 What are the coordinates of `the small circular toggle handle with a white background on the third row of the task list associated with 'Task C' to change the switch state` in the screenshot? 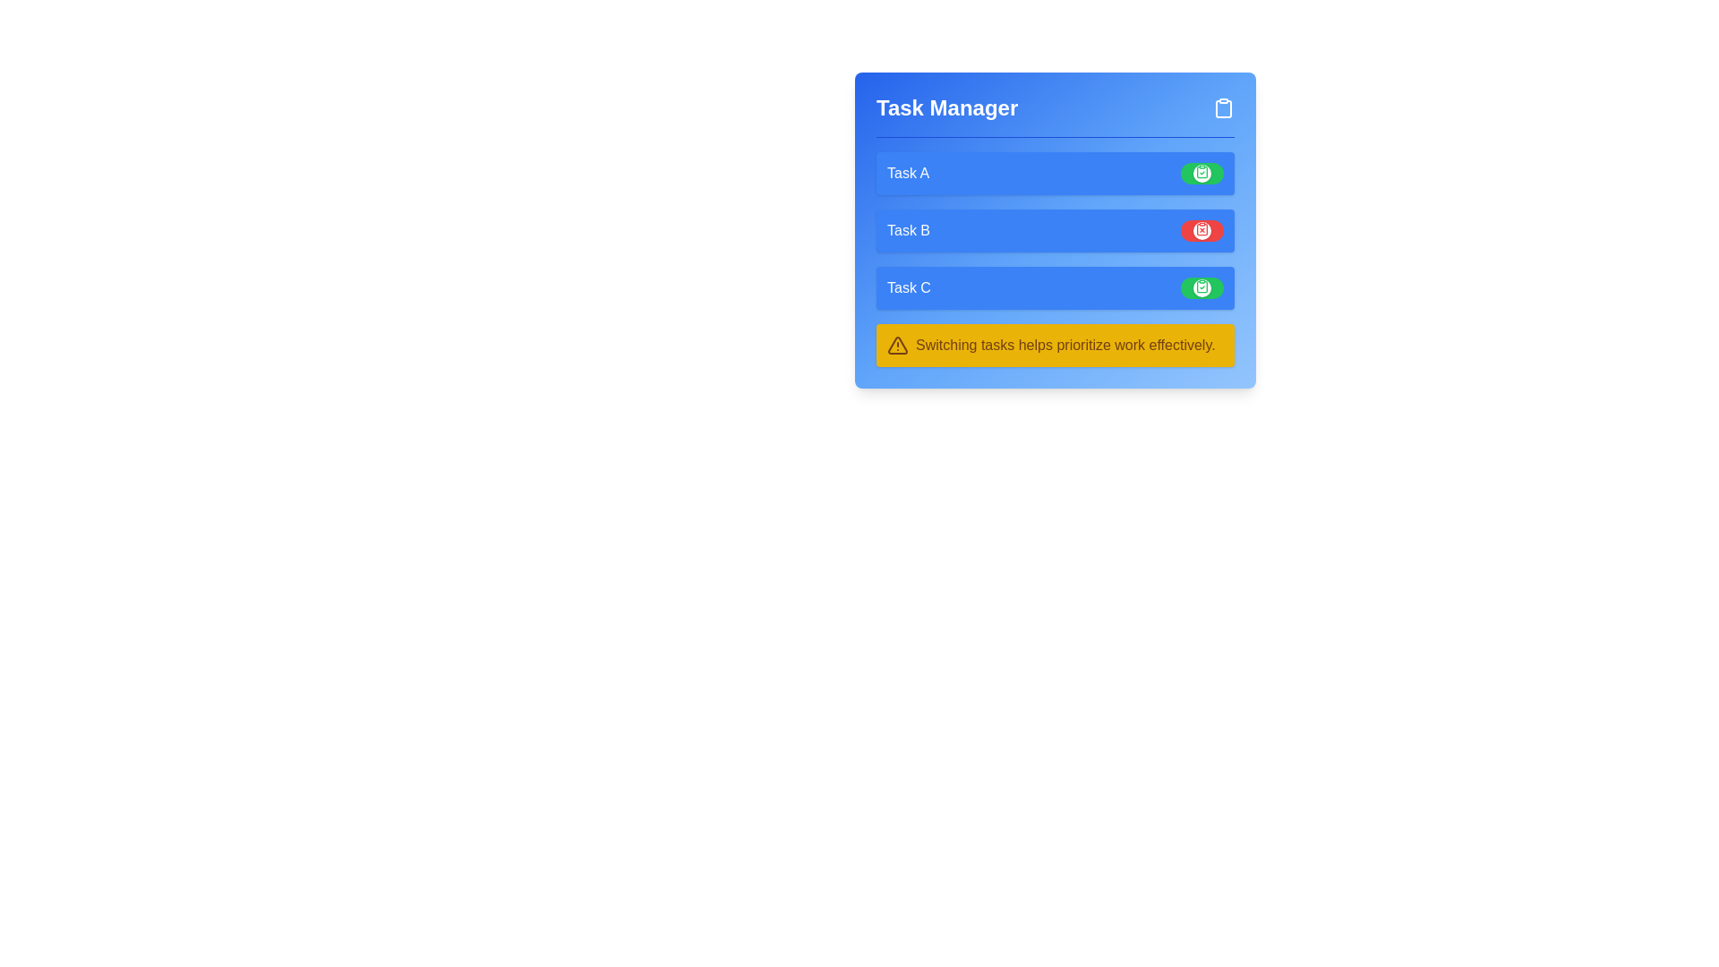 It's located at (1202, 287).